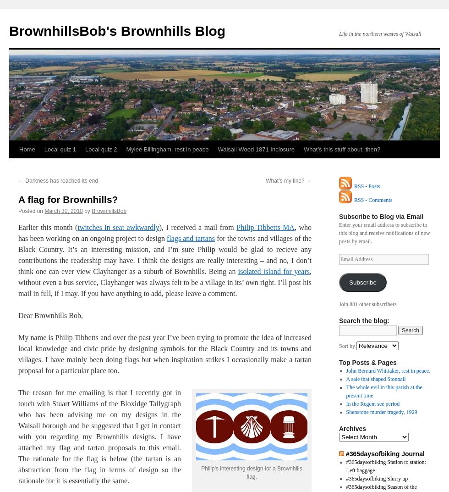  I want to click on 'Sort by', so click(339, 346).